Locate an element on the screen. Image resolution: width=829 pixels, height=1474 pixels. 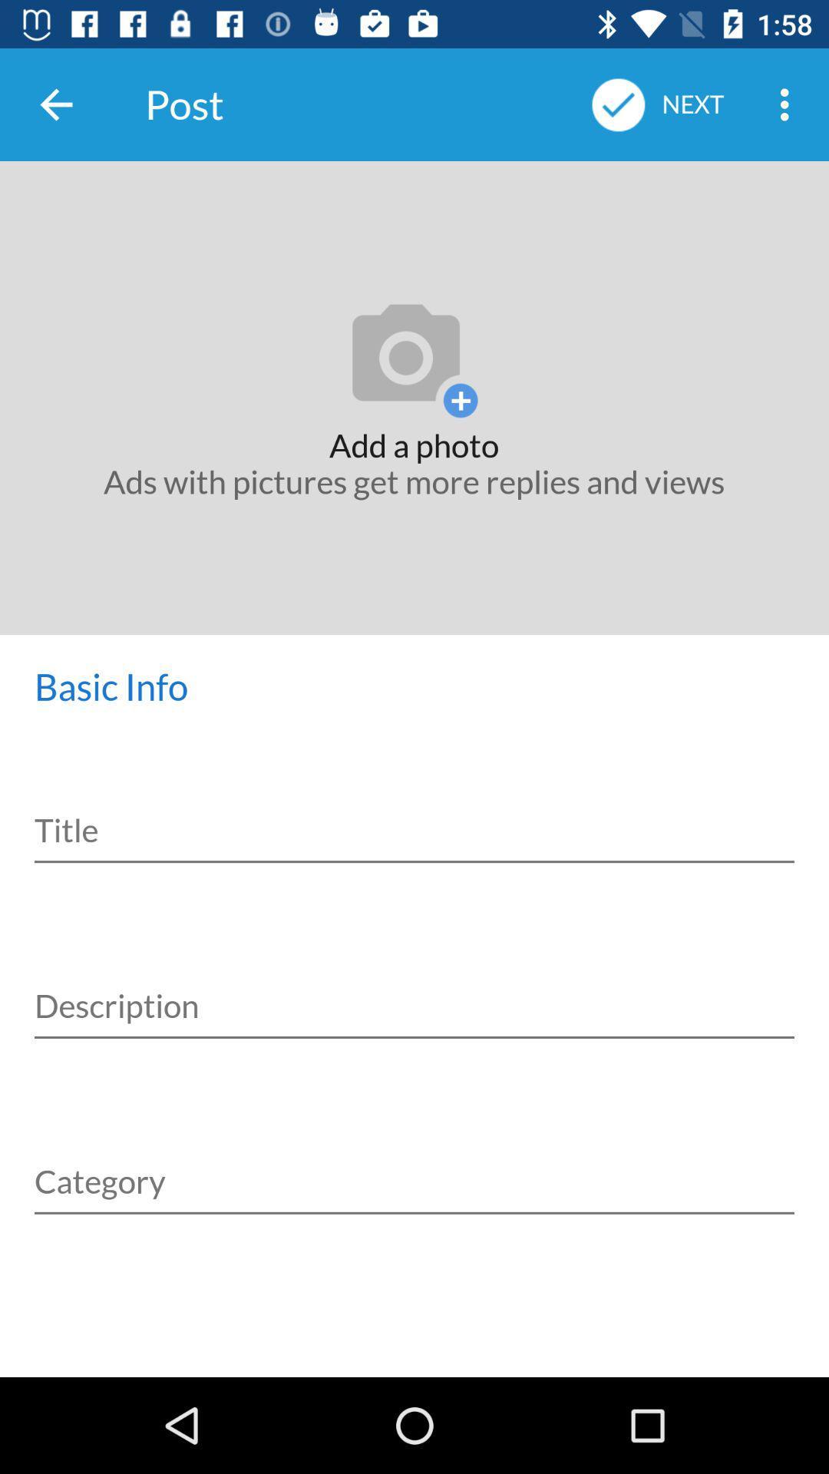
a description is located at coordinates (414, 989).